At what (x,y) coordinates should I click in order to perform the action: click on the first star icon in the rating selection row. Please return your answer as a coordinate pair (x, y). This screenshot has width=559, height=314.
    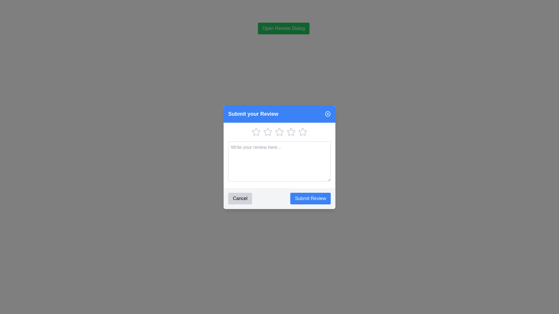
    Looking at the image, I should click on (256, 131).